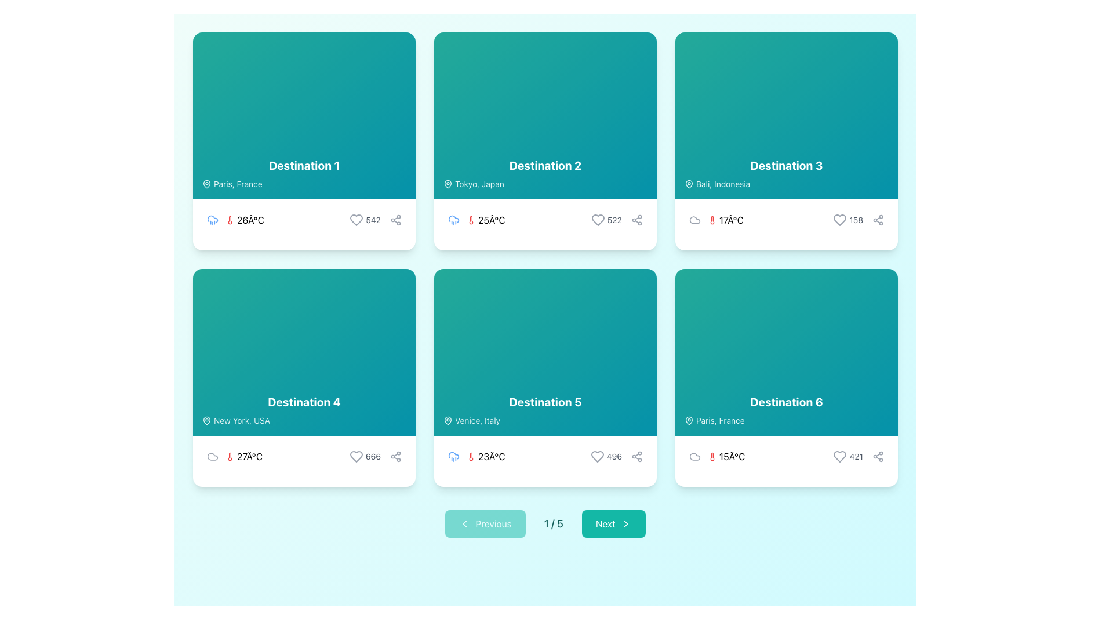 The image size is (1113, 626). What do you see at coordinates (848, 220) in the screenshot?
I see `the heart icon in the interactive button located in the third card (Destination 3) to observe the color transition from light gray to red` at bounding box center [848, 220].